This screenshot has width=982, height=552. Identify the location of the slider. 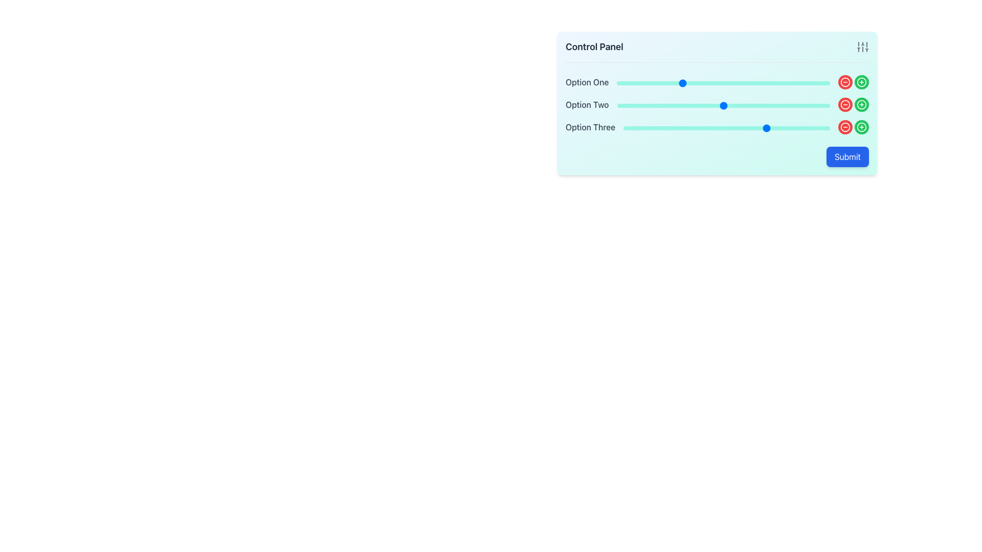
(668, 106).